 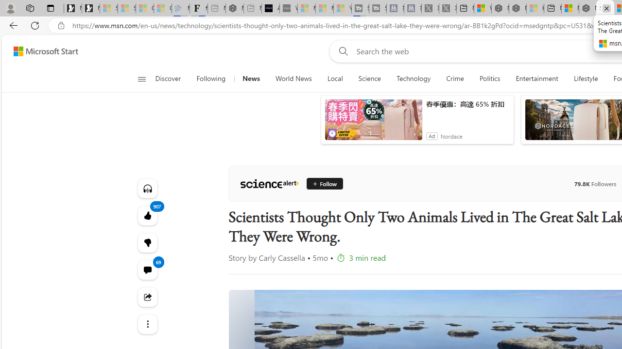 I want to click on 'View comments 69 Comment', so click(x=147, y=270).